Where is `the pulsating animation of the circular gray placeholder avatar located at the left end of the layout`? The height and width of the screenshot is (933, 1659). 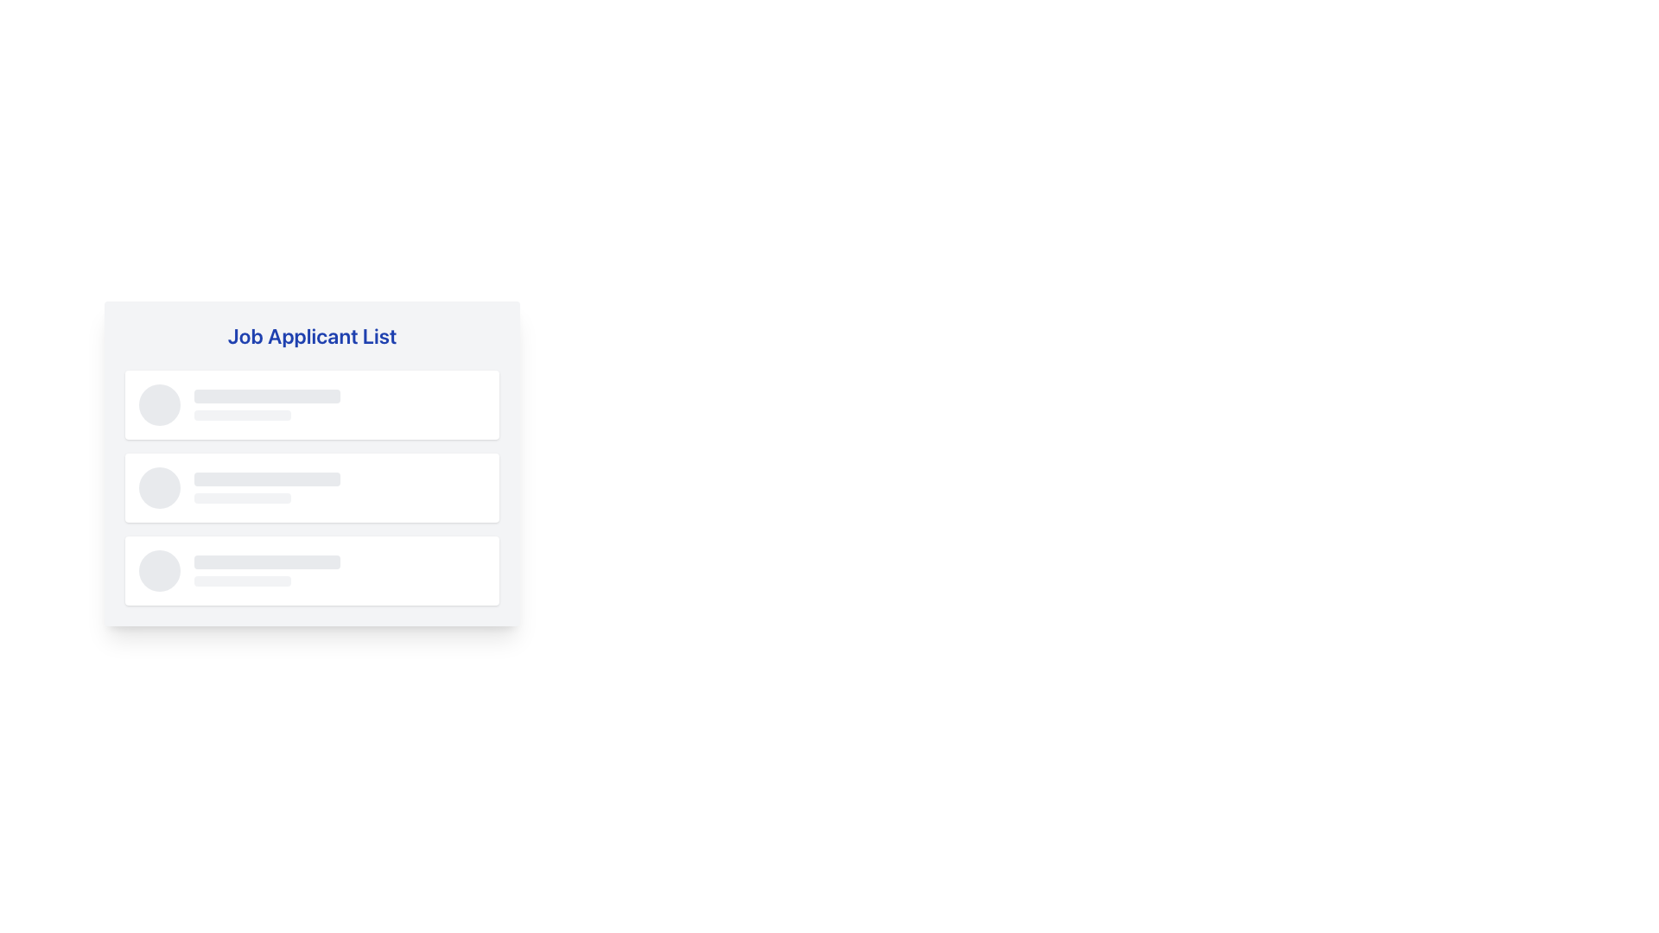
the pulsating animation of the circular gray placeholder avatar located at the left end of the layout is located at coordinates (160, 487).